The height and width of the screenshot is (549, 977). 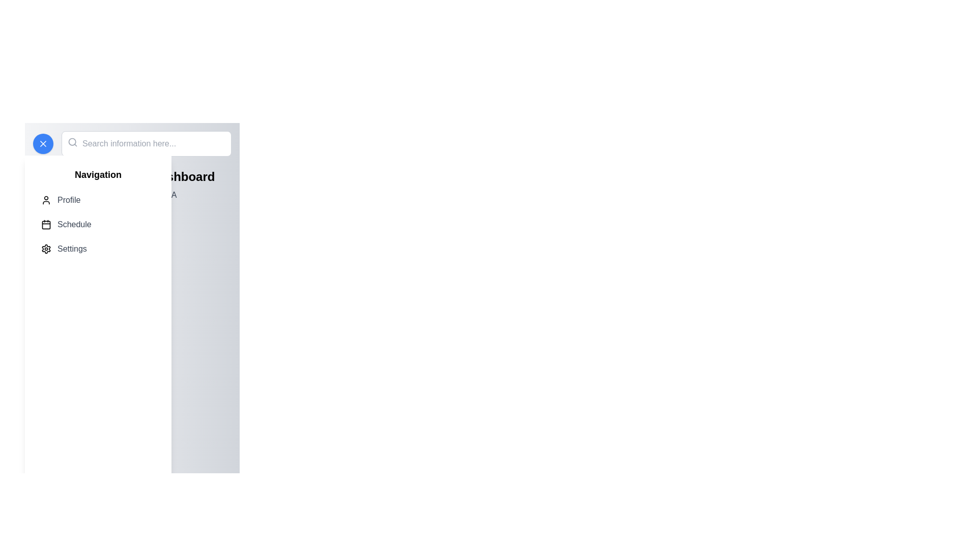 What do you see at coordinates (46, 249) in the screenshot?
I see `the gear icon representing the settings feature located next to the 'Settings' label in the left-hand navigation panel` at bounding box center [46, 249].